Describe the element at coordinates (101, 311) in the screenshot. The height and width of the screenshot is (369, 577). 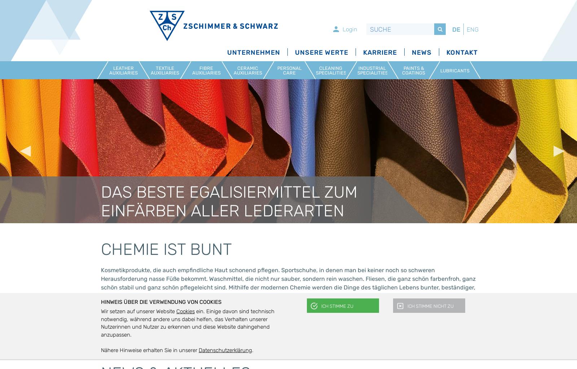
I see `'Wir setzen auf unserer Website'` at that location.